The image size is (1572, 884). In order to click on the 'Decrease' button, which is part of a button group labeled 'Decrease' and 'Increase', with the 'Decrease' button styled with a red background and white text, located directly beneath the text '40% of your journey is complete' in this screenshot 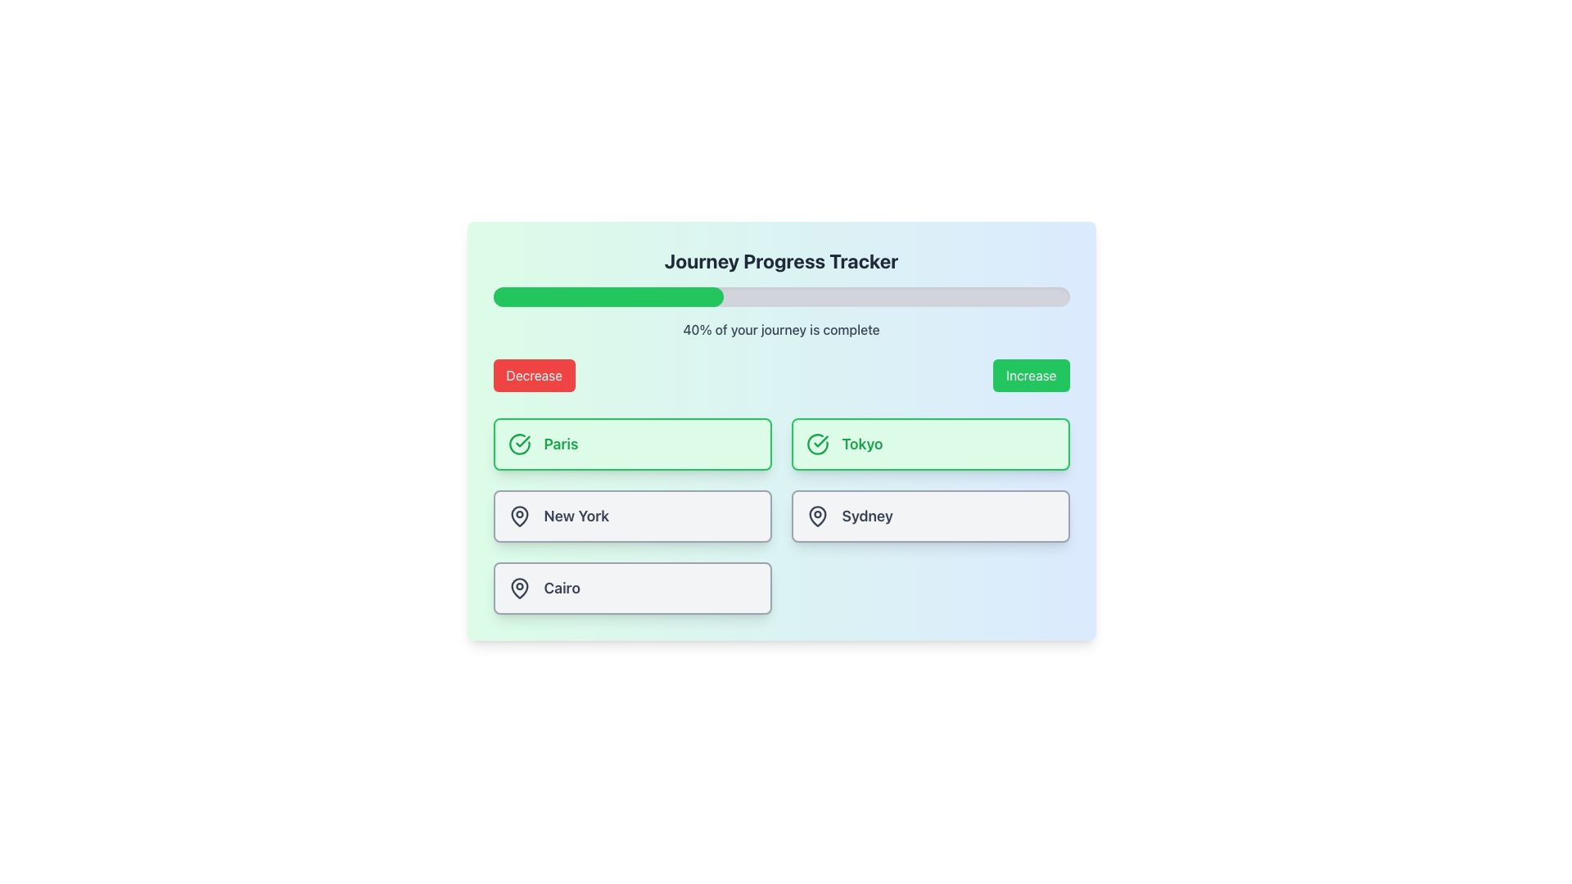, I will do `click(780, 376)`.